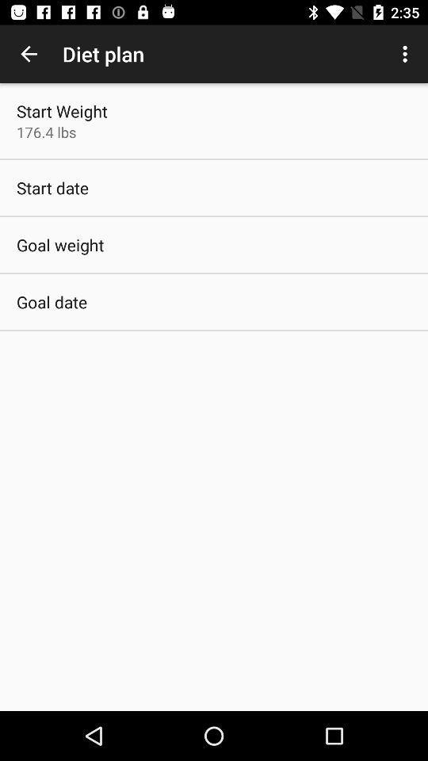 The image size is (428, 761). What do you see at coordinates (407, 54) in the screenshot?
I see `icon to the right of the diet plan item` at bounding box center [407, 54].